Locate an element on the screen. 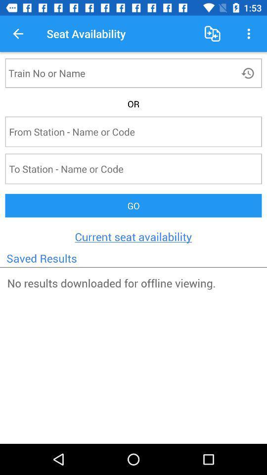 The height and width of the screenshot is (475, 267). history button is located at coordinates (248, 72).